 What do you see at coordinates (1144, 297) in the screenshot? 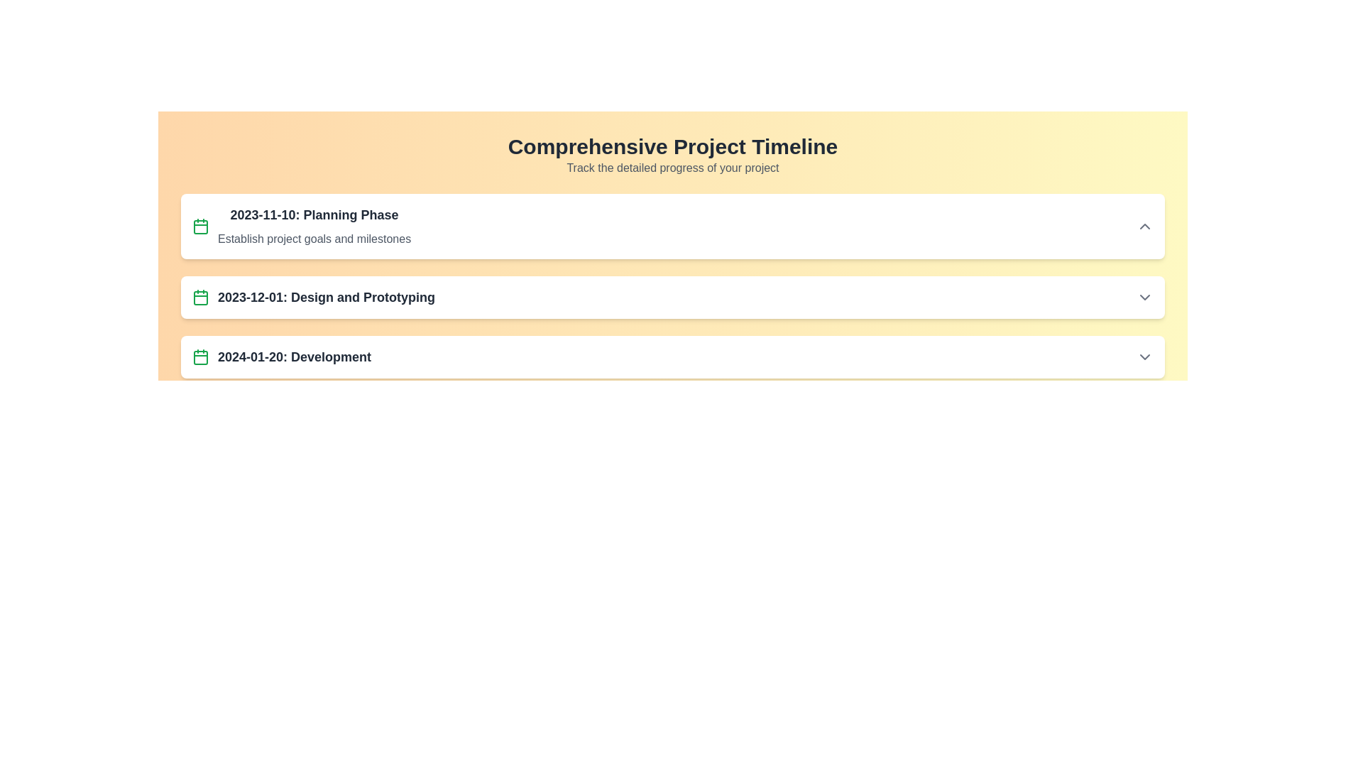
I see `the Dropdown toggle button located on the right side of the section labeled '2023-12-01: Design and Prototyping' to change its color` at bounding box center [1144, 297].